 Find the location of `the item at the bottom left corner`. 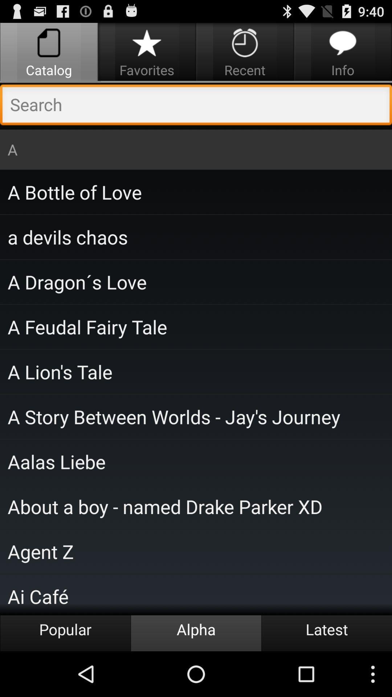

the item at the bottom left corner is located at coordinates (65, 633).